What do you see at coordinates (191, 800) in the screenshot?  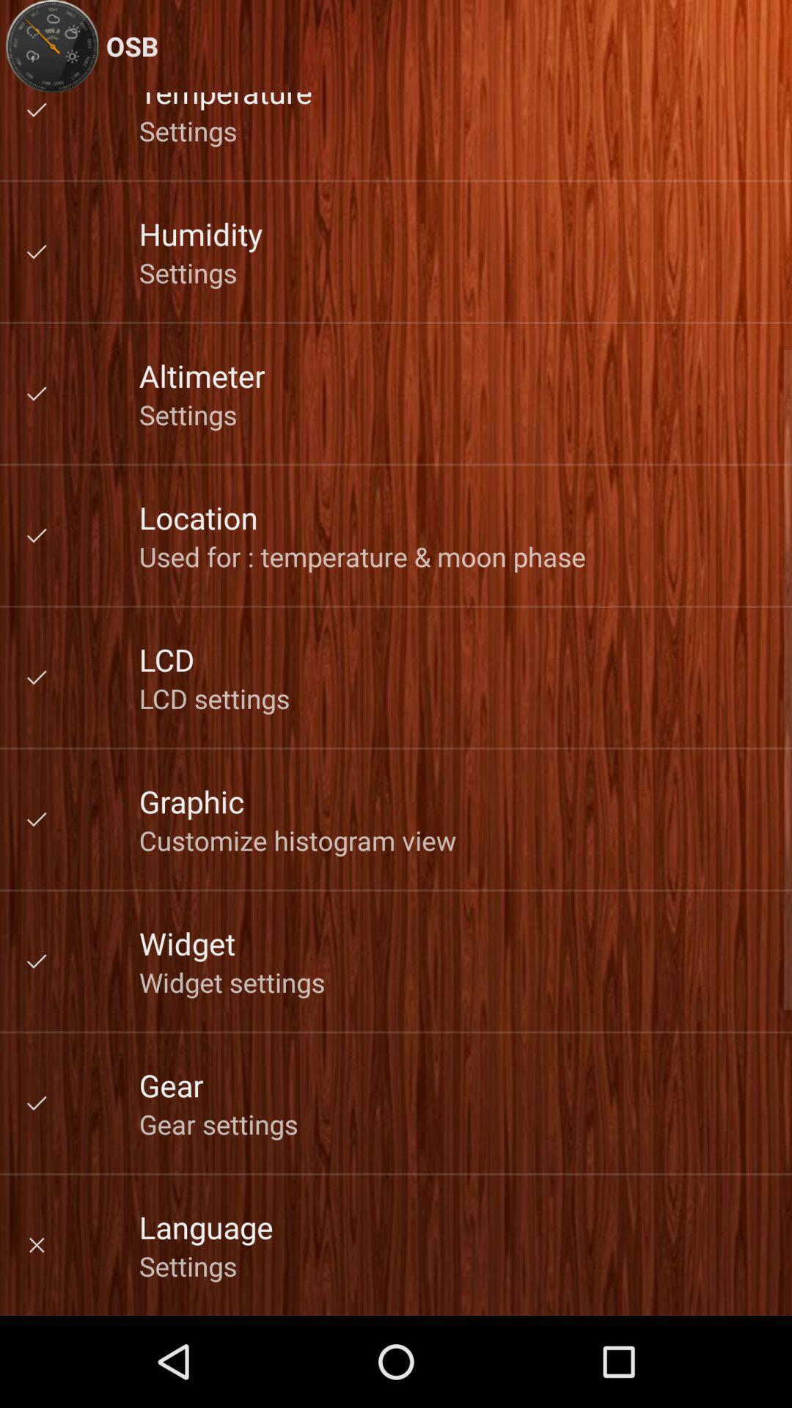 I see `app above the customize histogram view` at bounding box center [191, 800].